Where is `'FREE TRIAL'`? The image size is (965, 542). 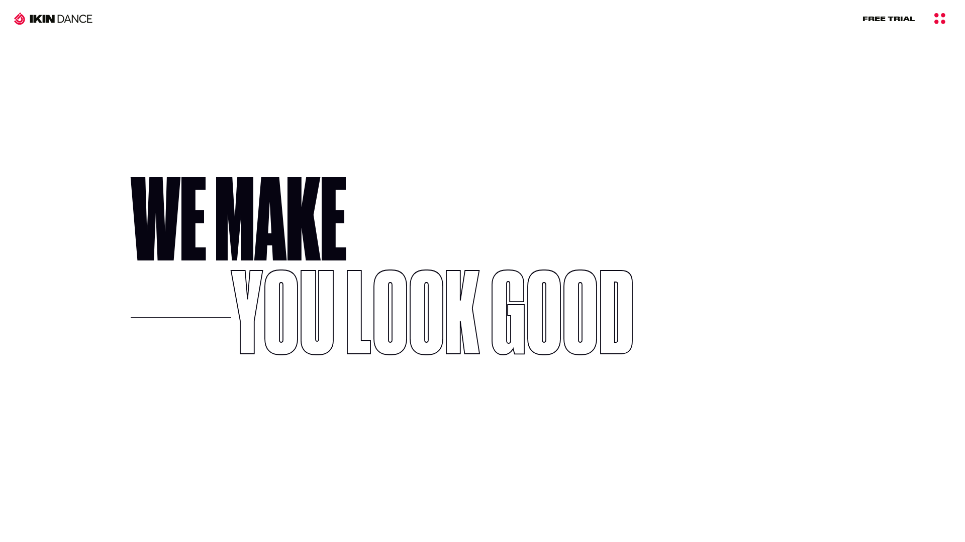
'FREE TRIAL' is located at coordinates (888, 18).